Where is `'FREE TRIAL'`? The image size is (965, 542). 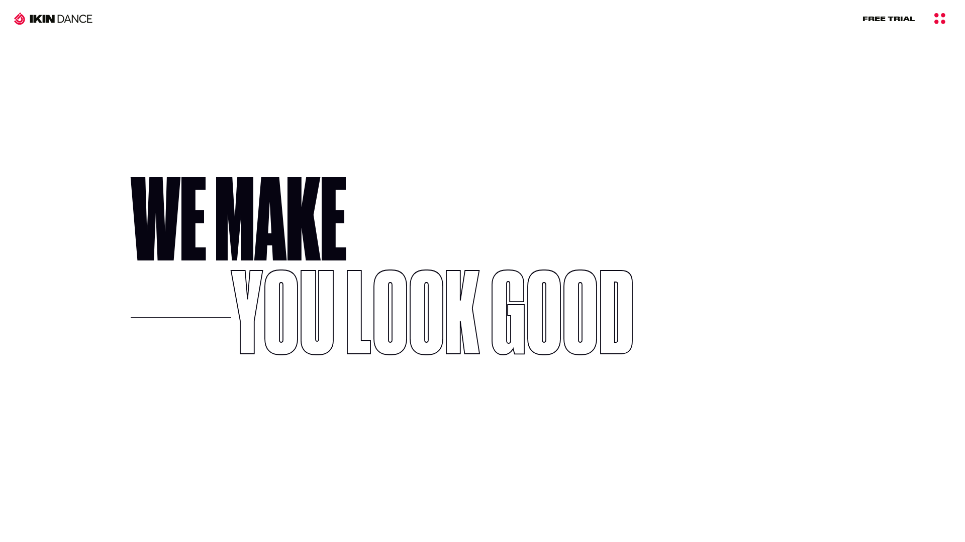
'FREE TRIAL' is located at coordinates (888, 18).